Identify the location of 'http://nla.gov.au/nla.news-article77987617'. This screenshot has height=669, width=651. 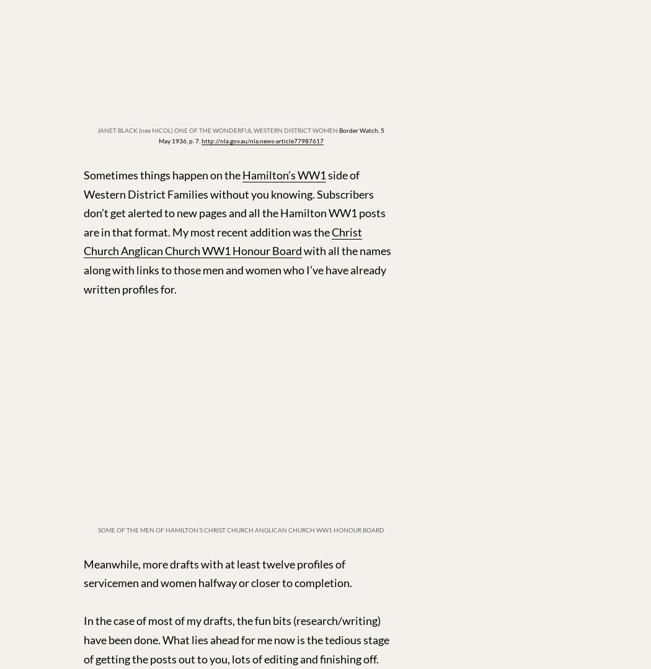
(261, 141).